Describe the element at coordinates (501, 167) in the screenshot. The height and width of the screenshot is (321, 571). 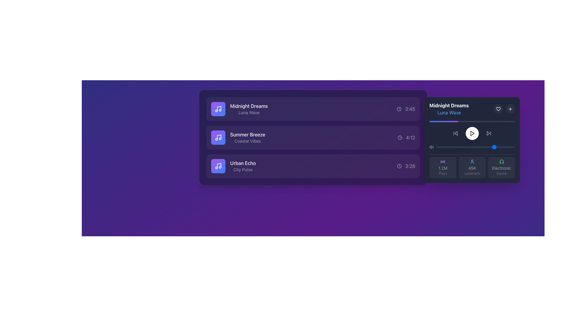
I see `the Informational badge that indicates the genre of the content as 'Electronic', located in the third column of a three-column grid at the bottom of the player panel` at that location.